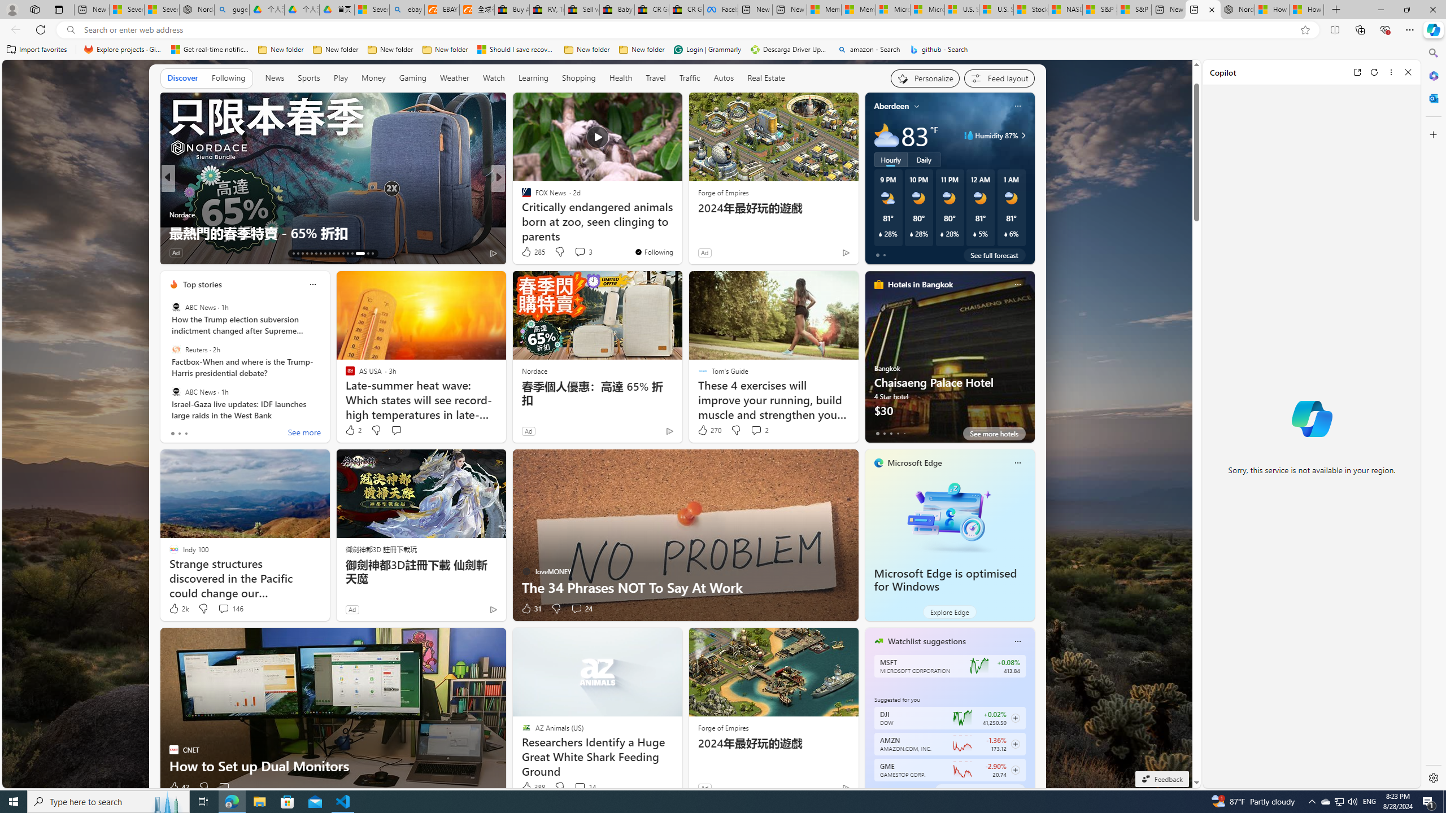 This screenshot has width=1446, height=813. What do you see at coordinates (581, 607) in the screenshot?
I see `'View comments 24 Comment'` at bounding box center [581, 607].